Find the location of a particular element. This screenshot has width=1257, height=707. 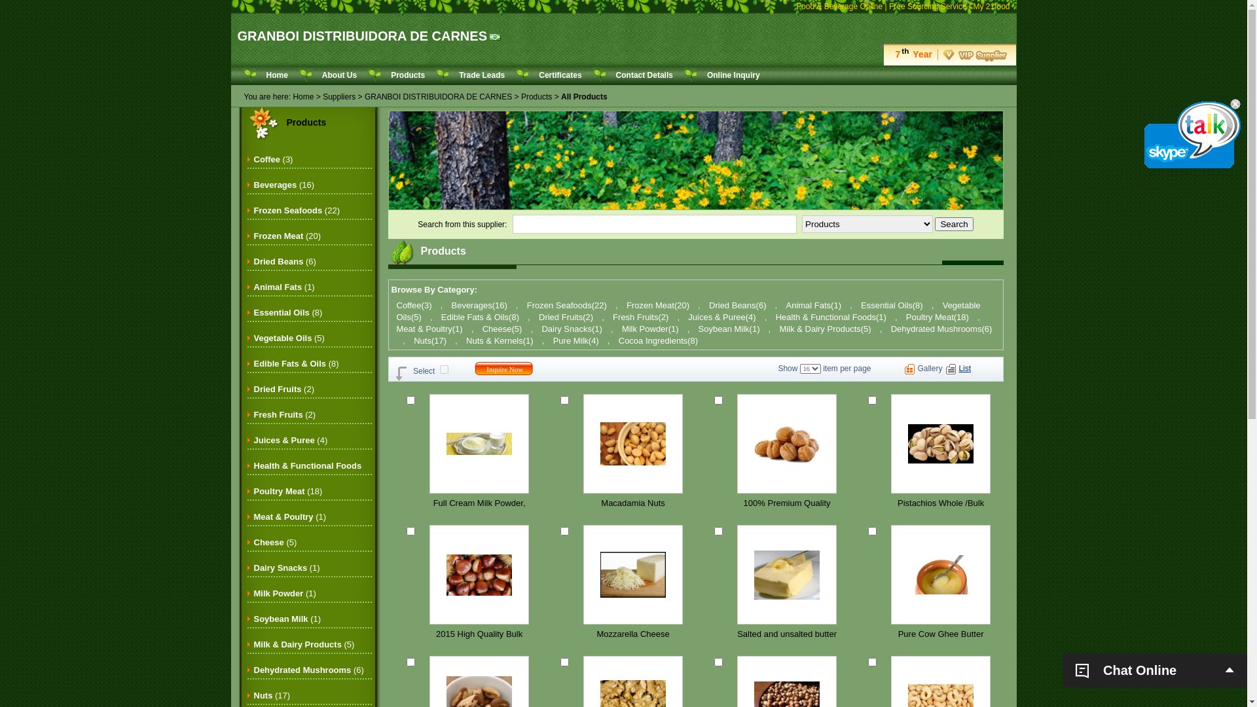

'Frozen Meat (20)' is located at coordinates (254, 236).